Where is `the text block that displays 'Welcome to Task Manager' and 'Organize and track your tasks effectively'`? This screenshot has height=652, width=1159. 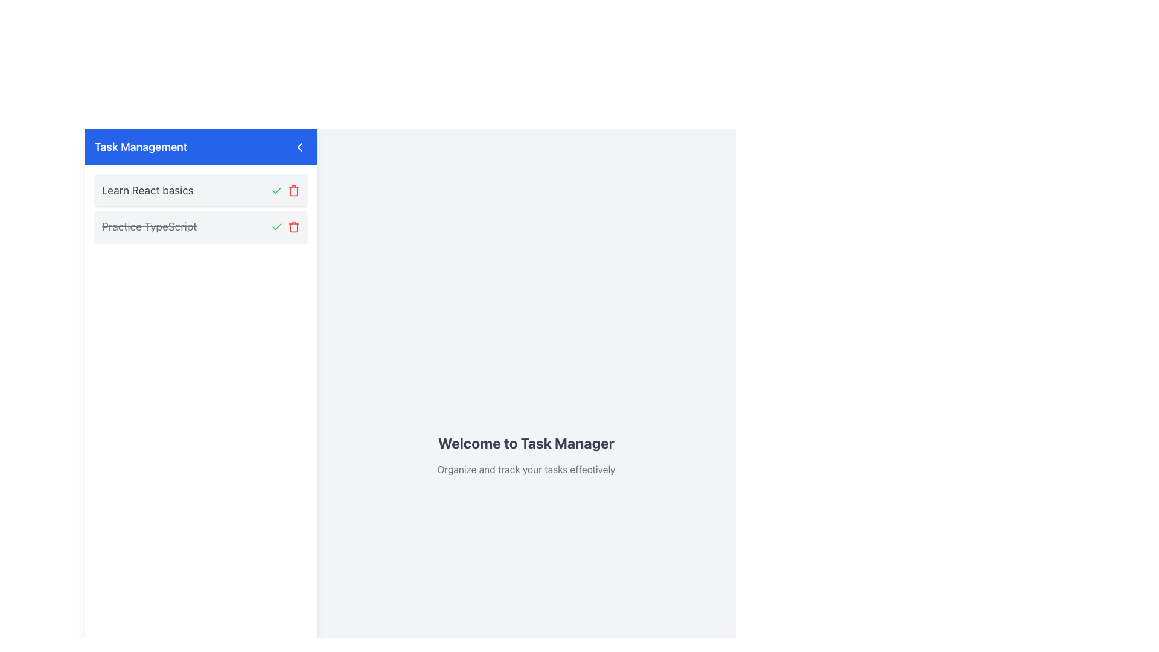 the text block that displays 'Welcome to Task Manager' and 'Organize and track your tasks effectively' is located at coordinates (526, 455).